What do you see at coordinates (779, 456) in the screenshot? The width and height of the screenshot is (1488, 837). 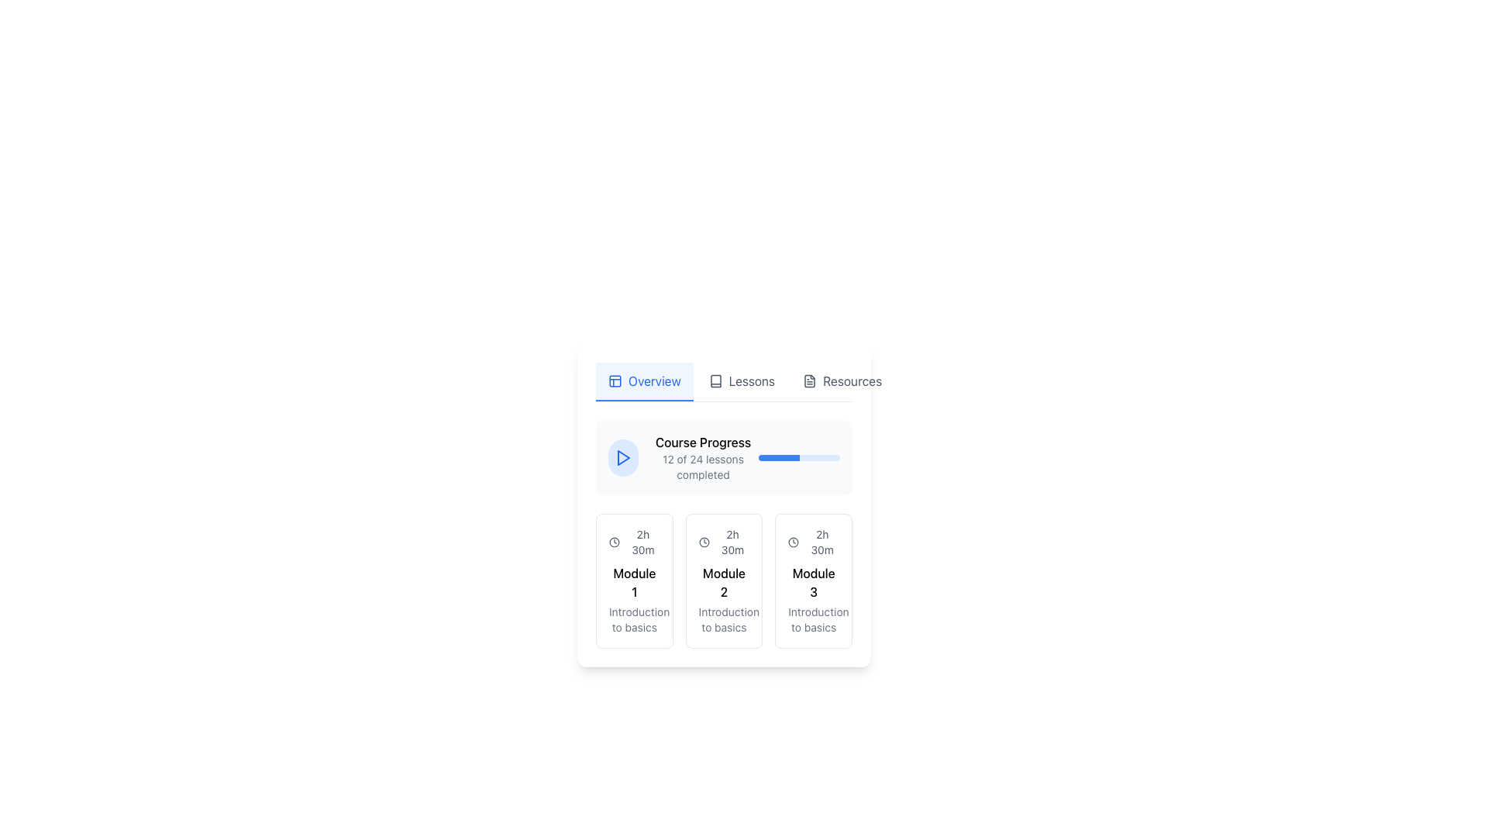 I see `the blue progress indicator within the progress bar located below the 'Course Progress' label, which occupies the left half of the progress bar` at bounding box center [779, 456].